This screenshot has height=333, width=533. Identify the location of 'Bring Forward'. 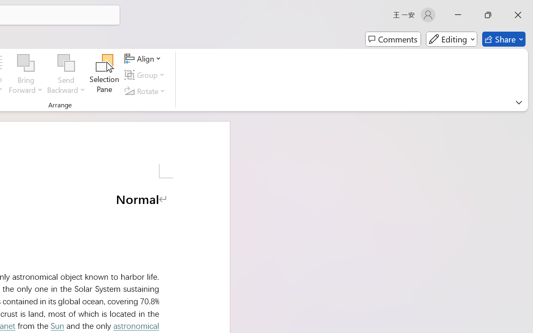
(26, 75).